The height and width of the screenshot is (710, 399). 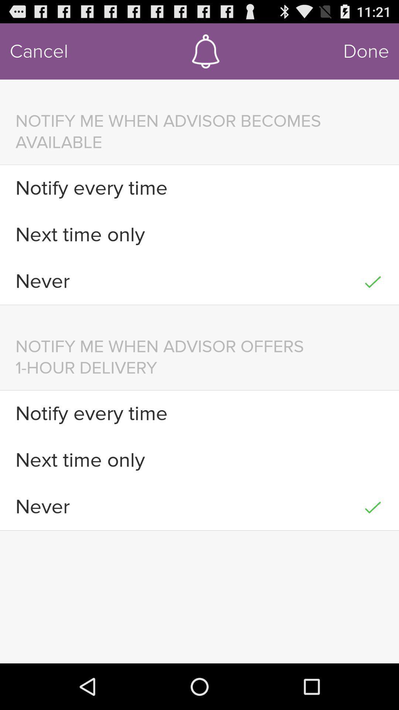 I want to click on icon to the right of the never, so click(x=373, y=506).